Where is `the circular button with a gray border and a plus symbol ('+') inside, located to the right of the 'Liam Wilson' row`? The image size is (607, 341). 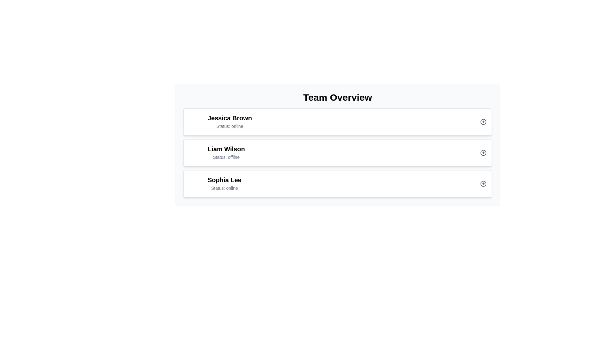
the circular button with a gray border and a plus symbol ('+') inside, located to the right of the 'Liam Wilson' row is located at coordinates (483, 153).